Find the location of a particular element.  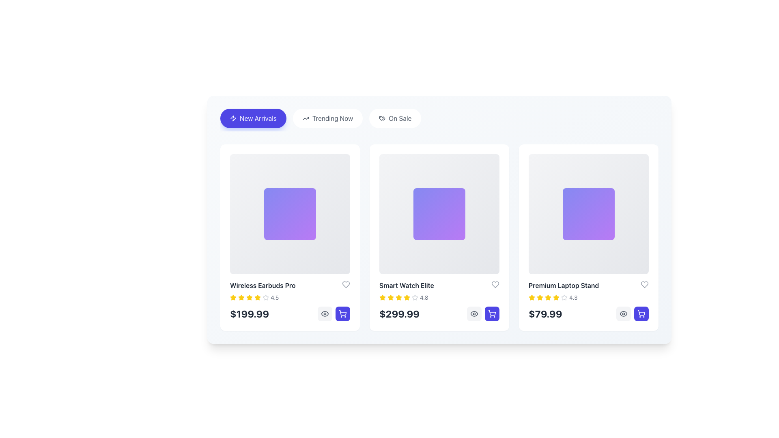

static text label displaying the price of the product located at the bottom of the leftmost product card in the horizontally arranged list is located at coordinates (249, 313).